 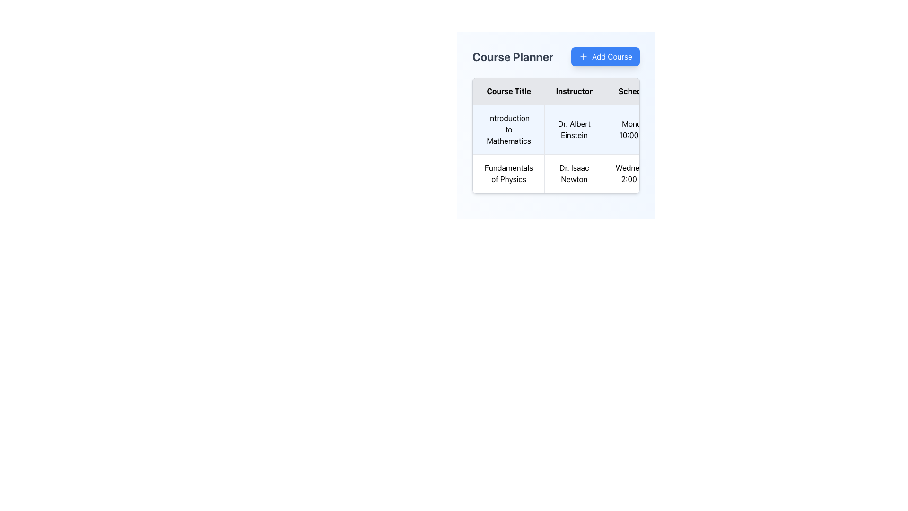 I want to click on the '+' icon located within the 'Add Course' button in the top-right corner above the 'Course Planner' table, so click(x=583, y=56).